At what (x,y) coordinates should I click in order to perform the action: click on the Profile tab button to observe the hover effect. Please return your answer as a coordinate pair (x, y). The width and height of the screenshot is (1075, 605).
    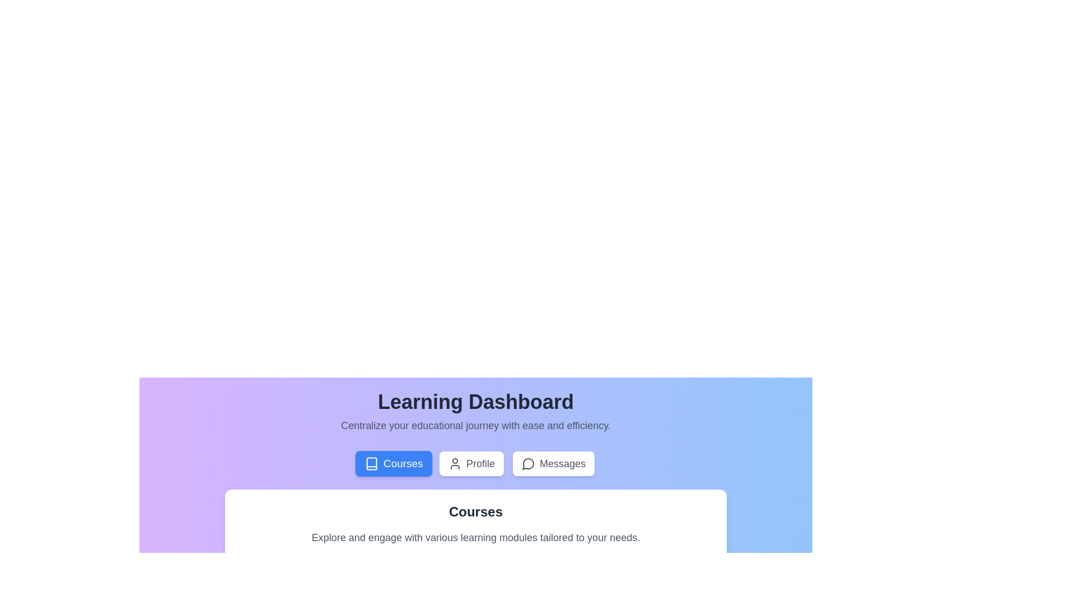
    Looking at the image, I should click on (471, 464).